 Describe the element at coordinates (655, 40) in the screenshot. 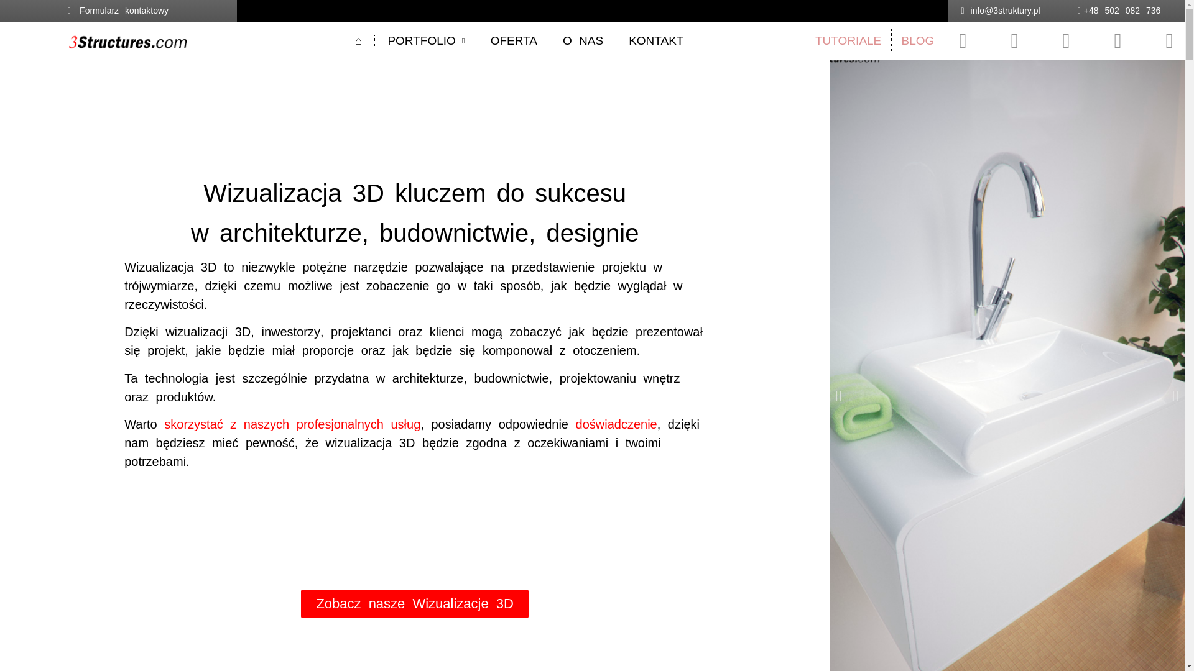

I see `'KONTAKT'` at that location.